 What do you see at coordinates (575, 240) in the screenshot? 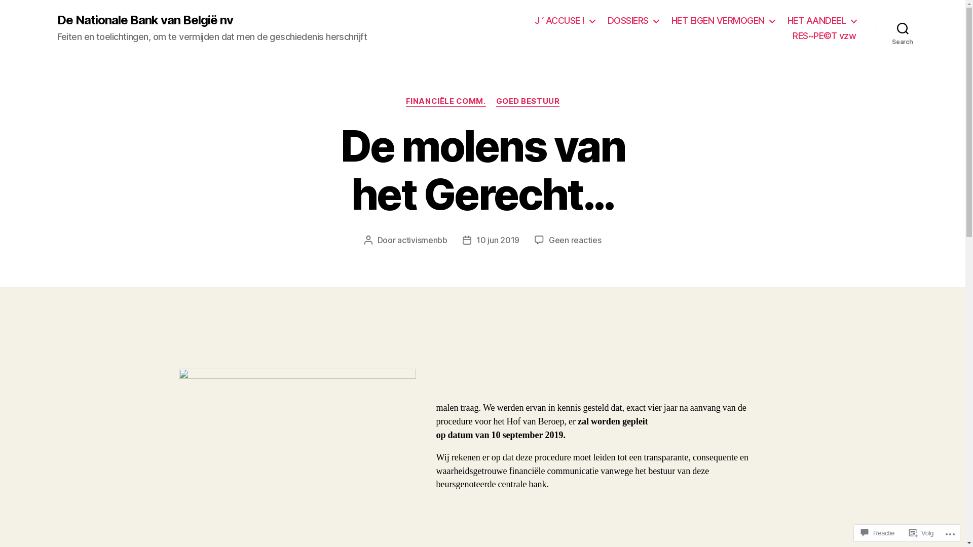
I see `'Geen reacties'` at bounding box center [575, 240].